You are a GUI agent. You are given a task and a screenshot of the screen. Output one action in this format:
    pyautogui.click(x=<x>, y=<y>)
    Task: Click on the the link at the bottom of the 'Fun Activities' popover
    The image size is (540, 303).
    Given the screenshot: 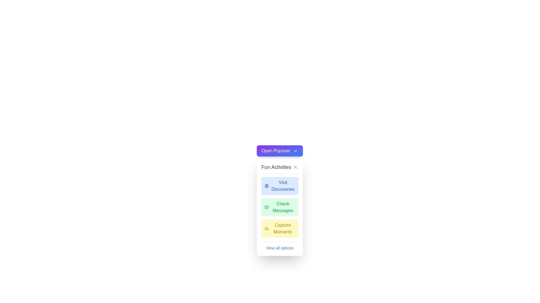 What is the action you would take?
    pyautogui.click(x=280, y=246)
    